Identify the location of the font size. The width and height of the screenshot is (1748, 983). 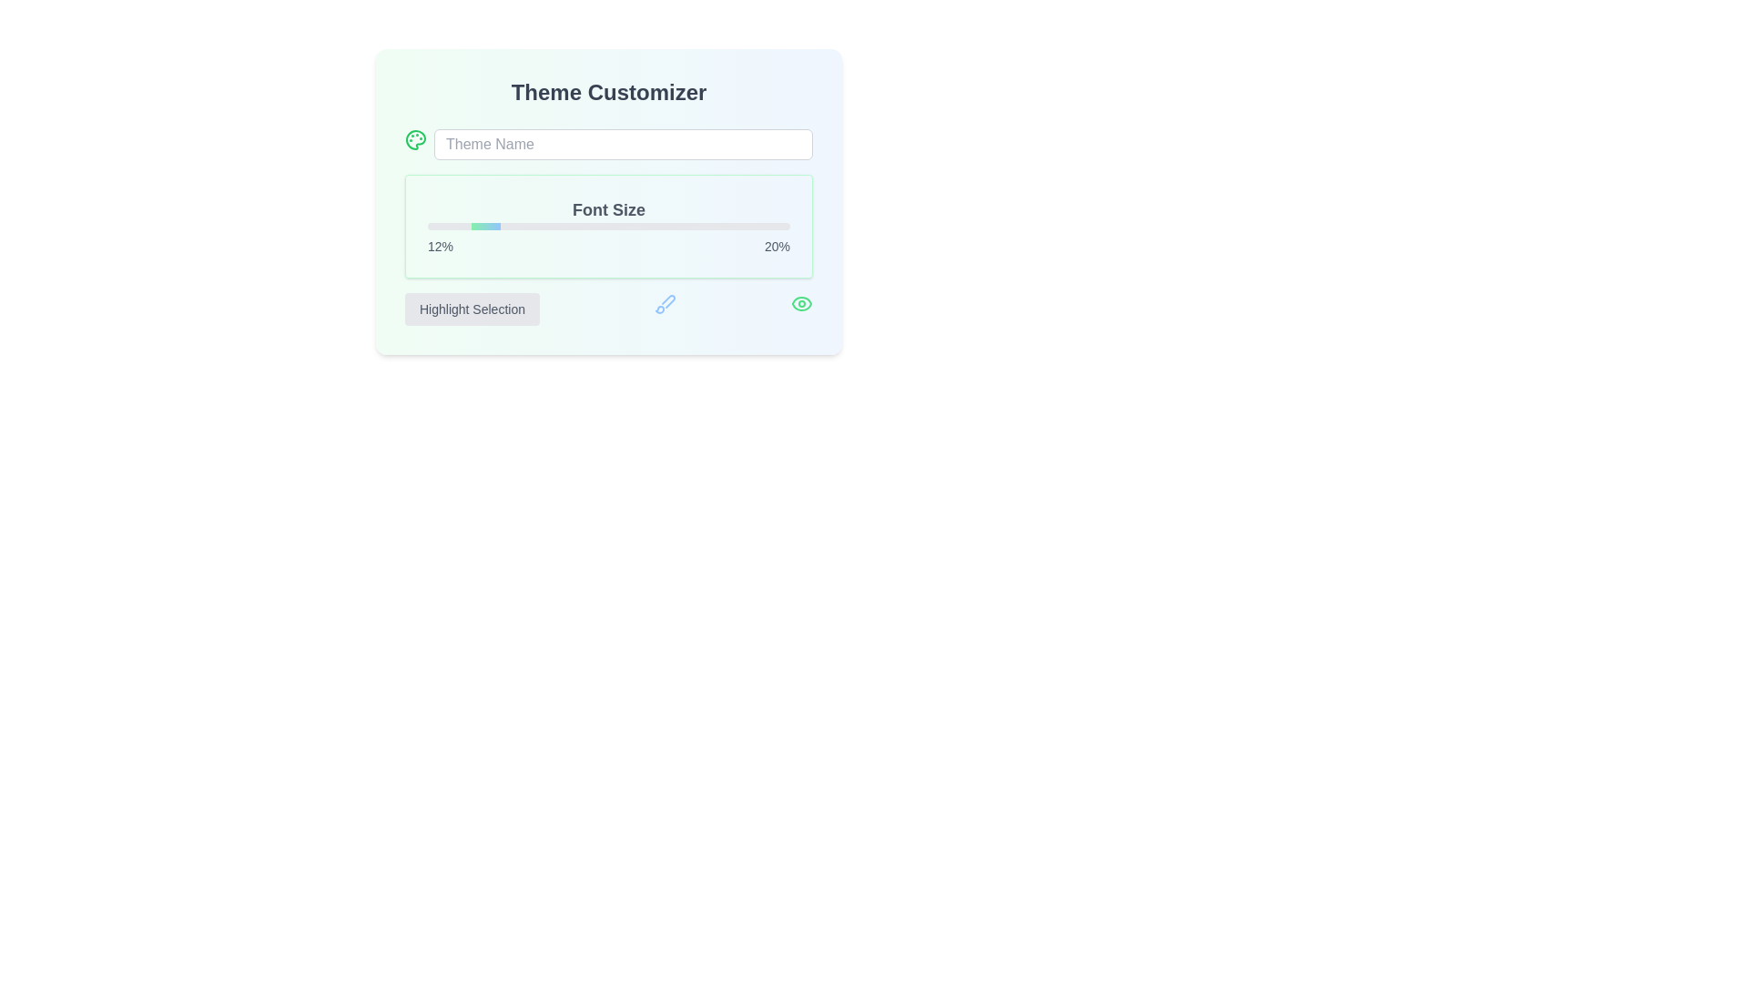
(557, 226).